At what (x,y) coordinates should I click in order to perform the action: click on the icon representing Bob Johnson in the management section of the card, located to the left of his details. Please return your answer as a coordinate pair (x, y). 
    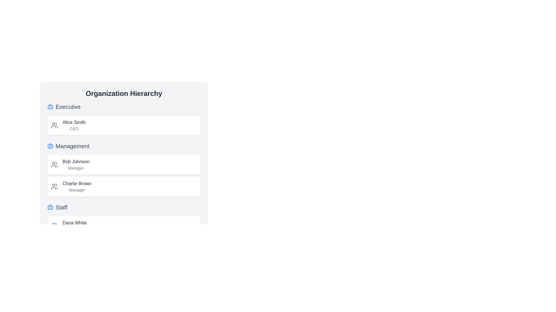
    Looking at the image, I should click on (54, 165).